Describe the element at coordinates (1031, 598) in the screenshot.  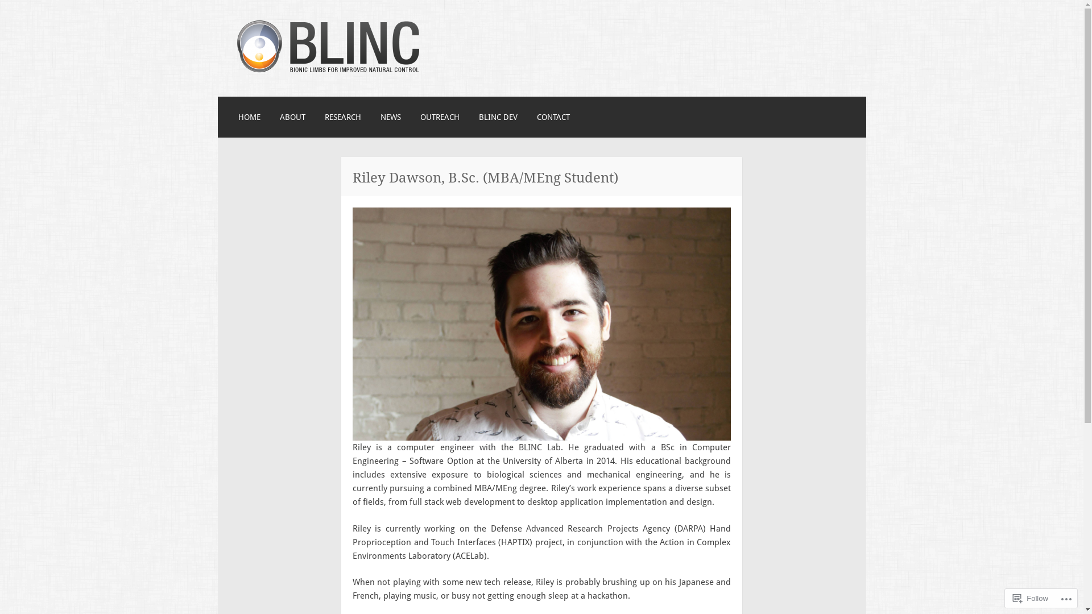
I see `'Follow'` at that location.